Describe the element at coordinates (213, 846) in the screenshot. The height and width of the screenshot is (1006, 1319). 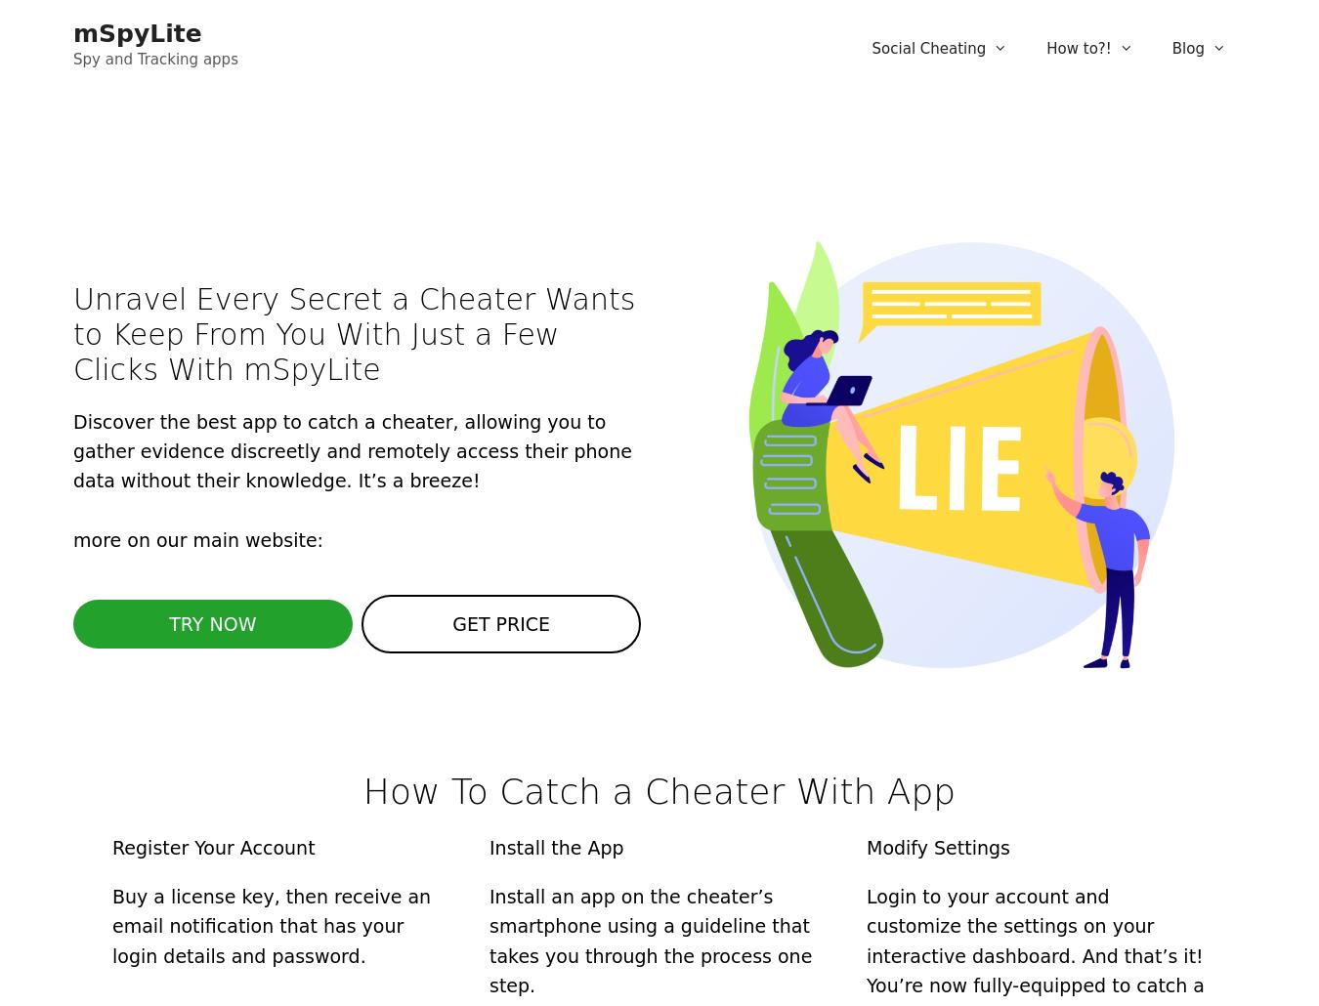
I see `'Register Your Account'` at that location.